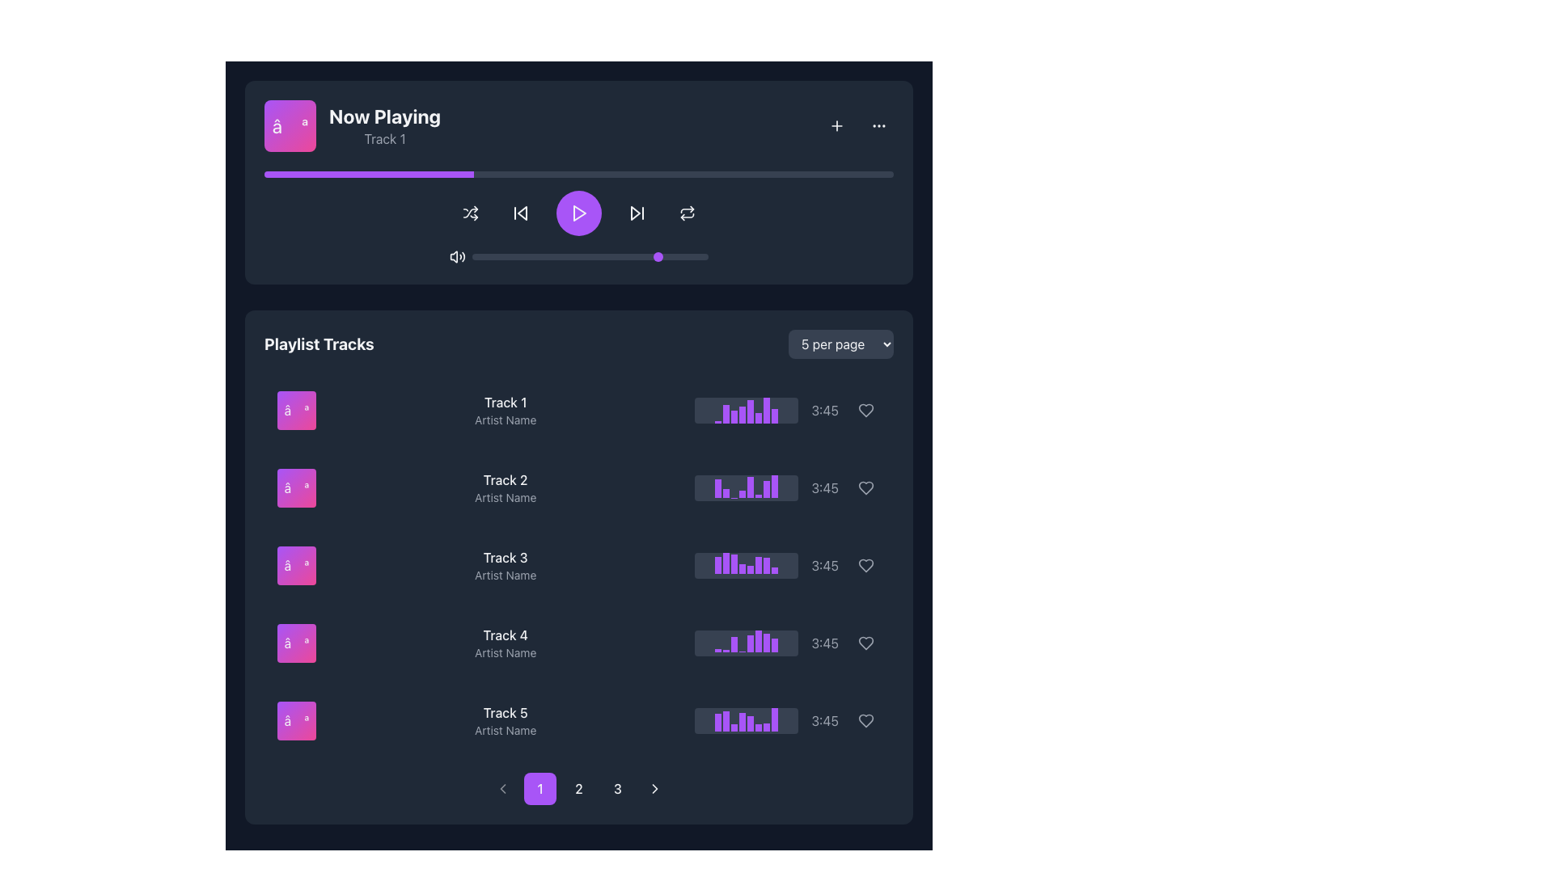 The width and height of the screenshot is (1553, 873). Describe the element at coordinates (648, 175) in the screenshot. I see `playback progress` at that location.